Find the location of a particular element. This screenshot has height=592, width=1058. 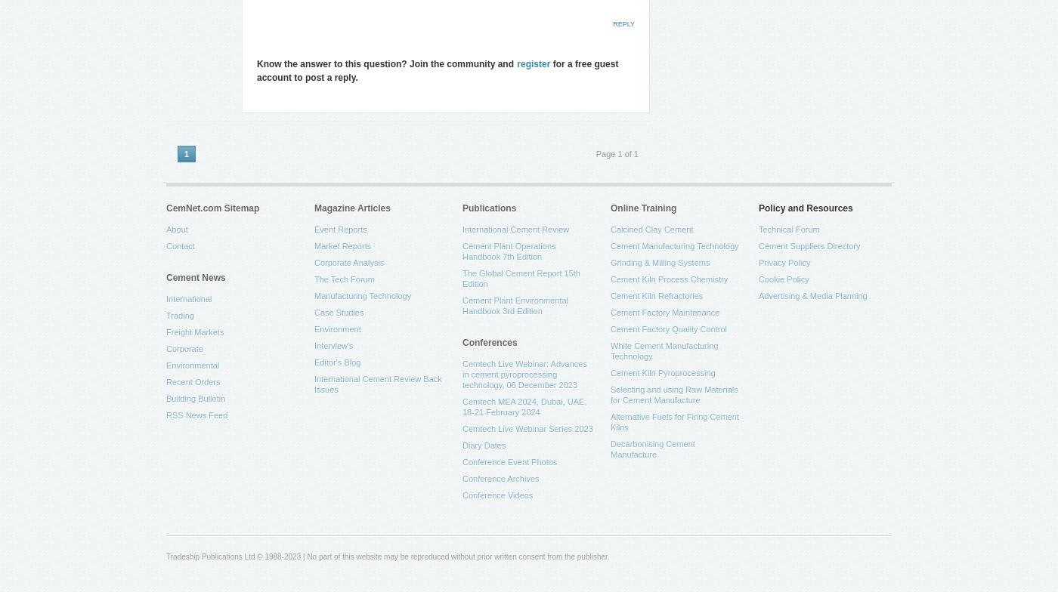

'Alternative Fuels for Firing Cement Kilns' is located at coordinates (674, 421).